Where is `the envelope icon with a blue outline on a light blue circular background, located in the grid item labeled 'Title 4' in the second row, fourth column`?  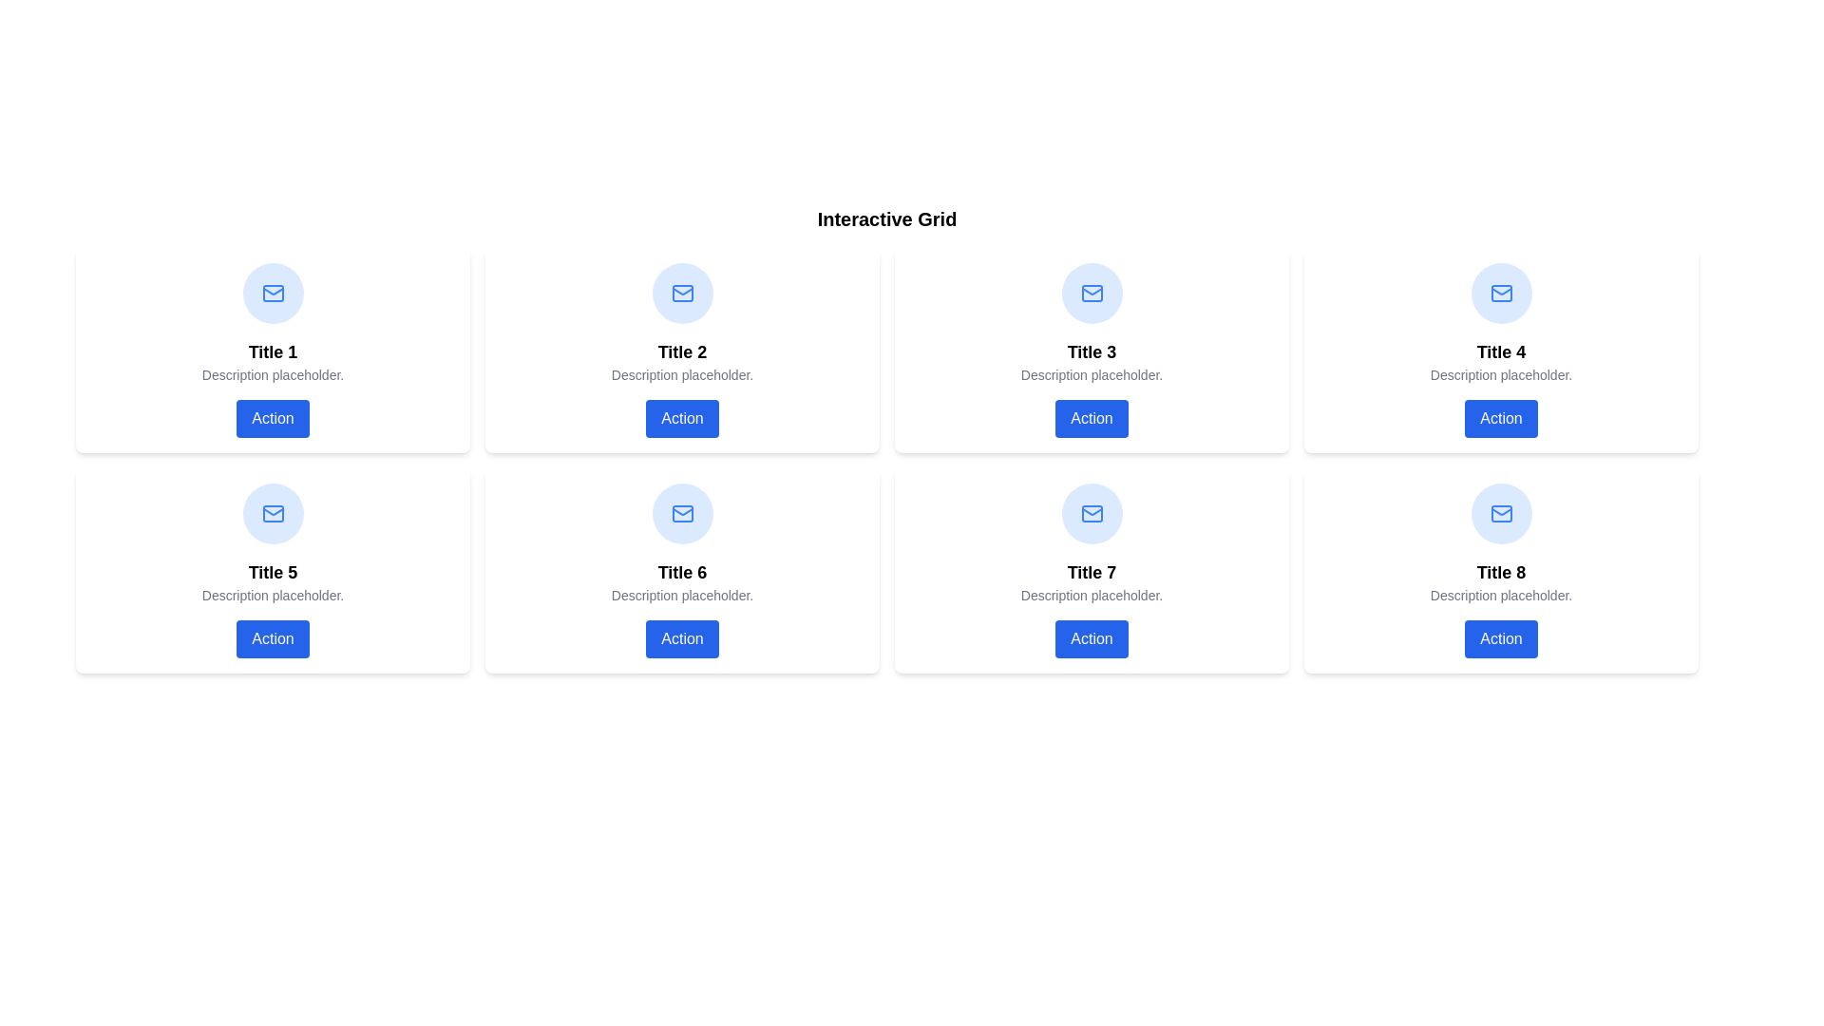 the envelope icon with a blue outline on a light blue circular background, located in the grid item labeled 'Title 4' in the second row, fourth column is located at coordinates (1500, 293).